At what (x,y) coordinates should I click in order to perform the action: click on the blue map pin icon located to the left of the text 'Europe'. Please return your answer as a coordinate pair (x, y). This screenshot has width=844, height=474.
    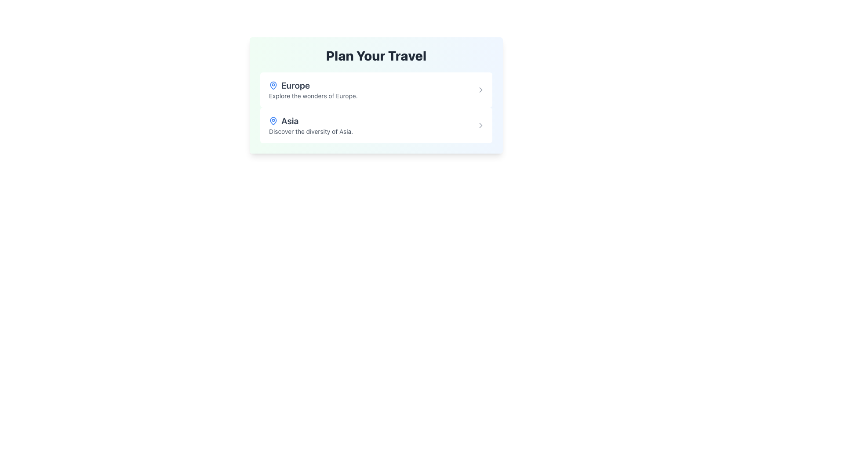
    Looking at the image, I should click on (273, 86).